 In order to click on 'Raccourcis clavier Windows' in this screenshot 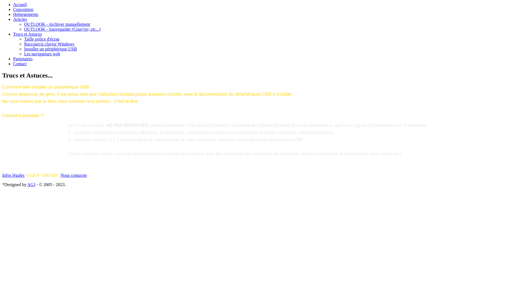, I will do `click(49, 44)`.